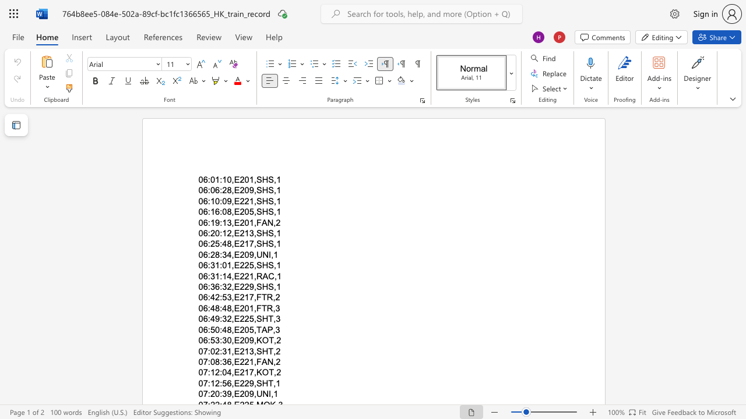 This screenshot has height=419, width=746. I want to click on the subset text "E225,SH" within the text "06:49:32,E225,SHT,3", so click(233, 319).